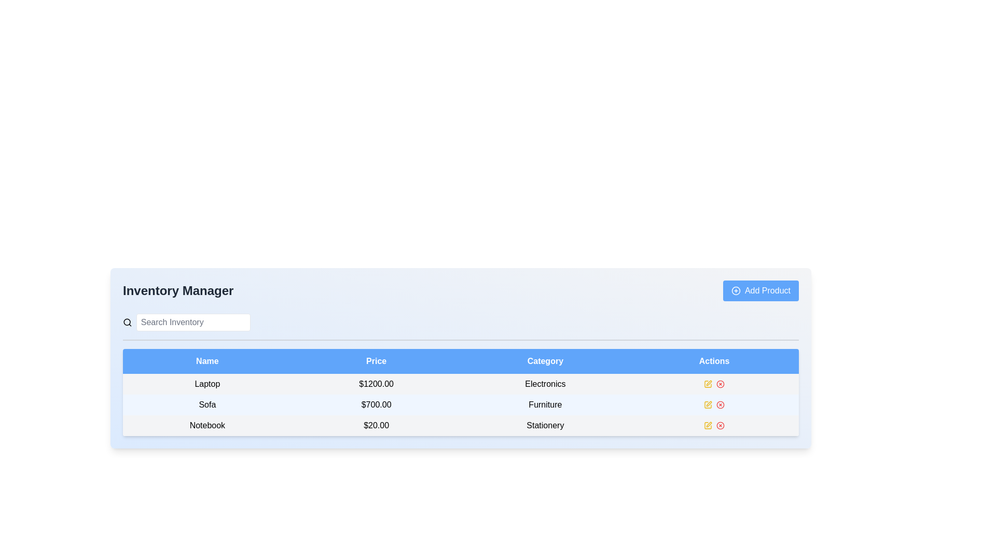  Describe the element at coordinates (735, 290) in the screenshot. I see `the addition icon within the 'Add Product' button located at the top-right corner of the interface` at that location.